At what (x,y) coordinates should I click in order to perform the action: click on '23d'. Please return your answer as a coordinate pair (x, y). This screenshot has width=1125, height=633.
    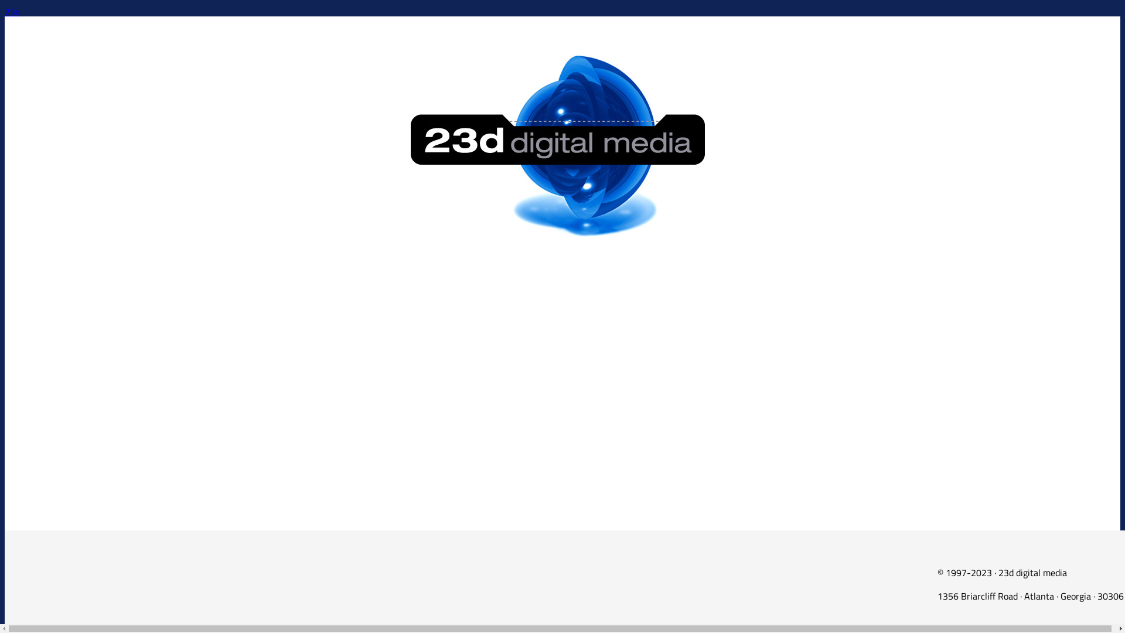
    Looking at the image, I should click on (12, 11).